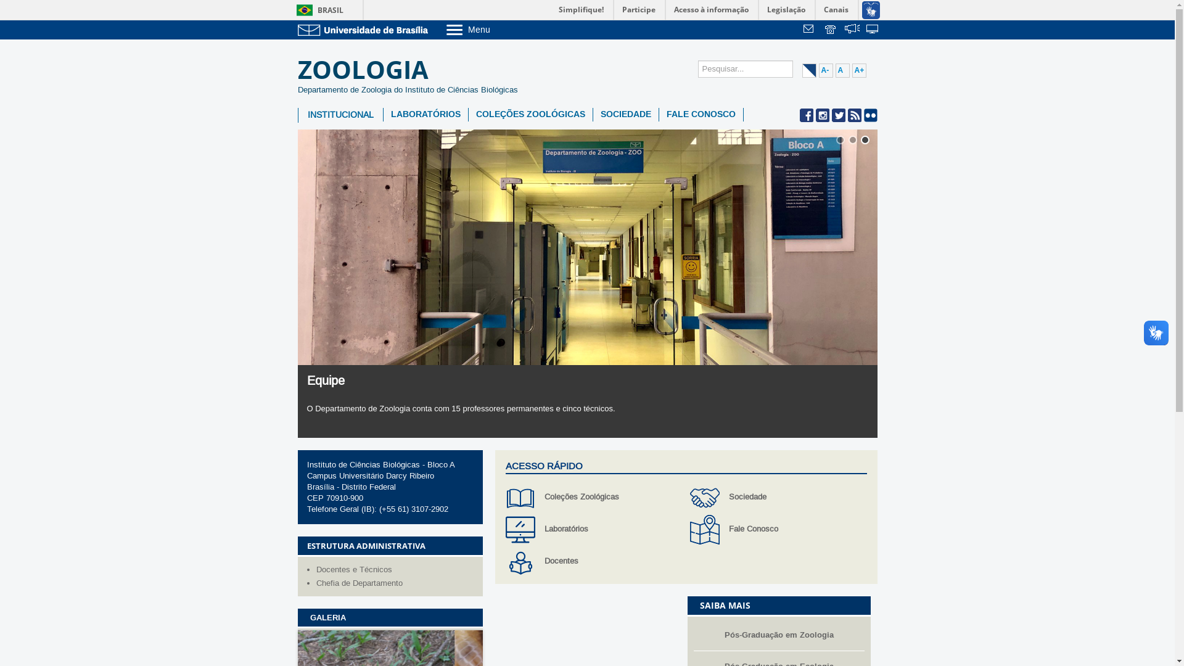 Image resolution: width=1184 pixels, height=666 pixels. Describe the element at coordinates (823, 30) in the screenshot. I see `' '` at that location.